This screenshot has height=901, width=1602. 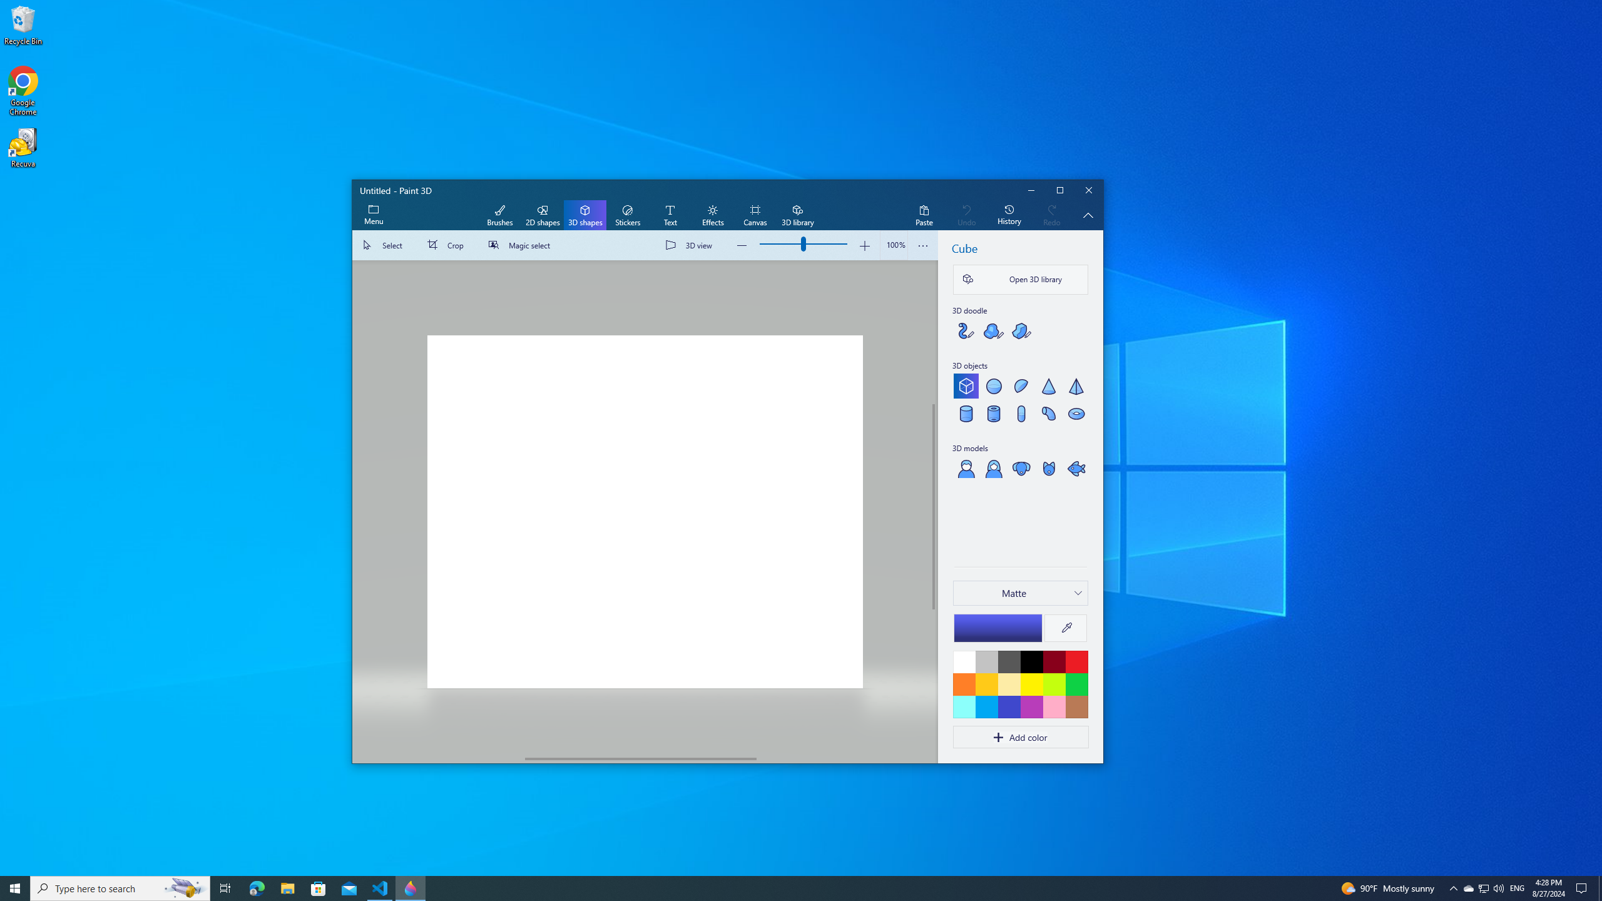 What do you see at coordinates (1008, 215) in the screenshot?
I see `'History'` at bounding box center [1008, 215].